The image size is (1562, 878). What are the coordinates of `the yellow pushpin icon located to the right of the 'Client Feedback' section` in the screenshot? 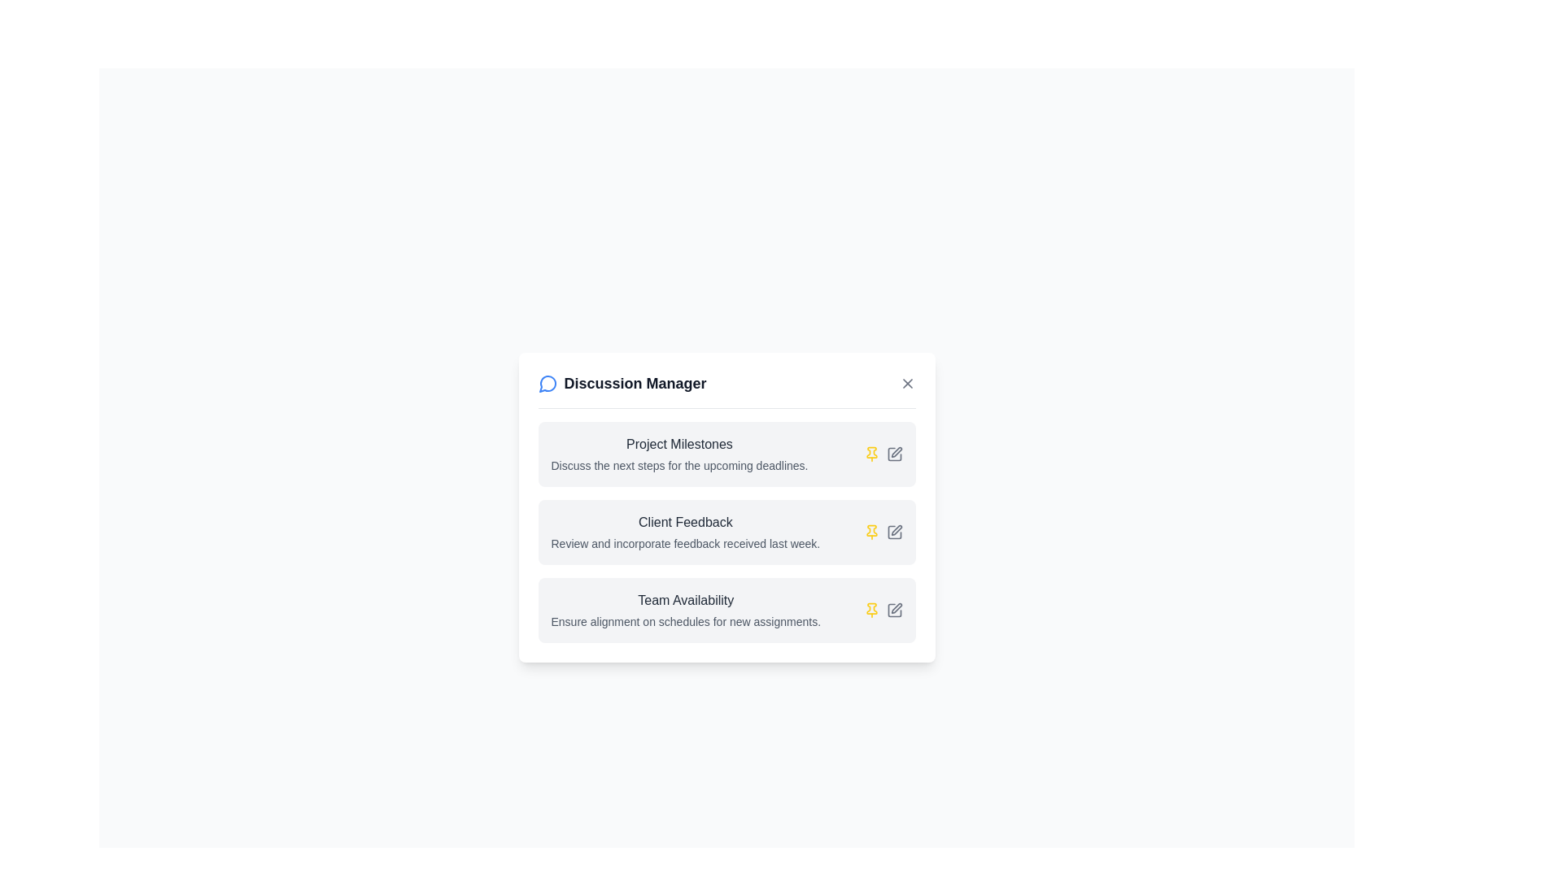 It's located at (870, 610).